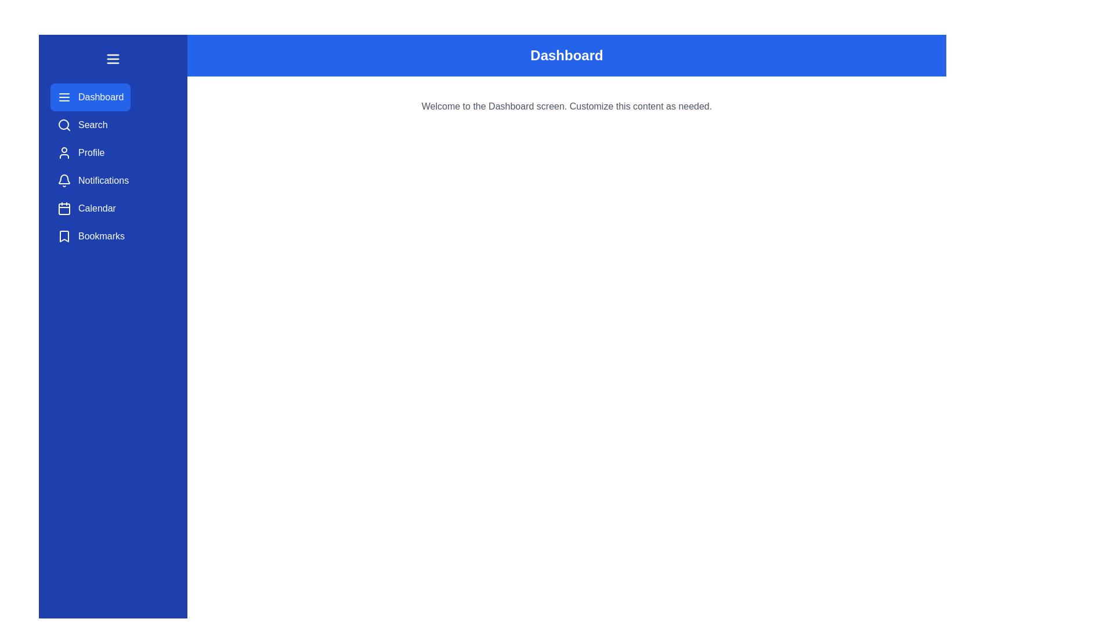  I want to click on the navigation link positioned in the left navigation bar, specifically the fifth item below 'Notifications' and above 'Bookmarks', to observe the hover effects, so click(86, 208).